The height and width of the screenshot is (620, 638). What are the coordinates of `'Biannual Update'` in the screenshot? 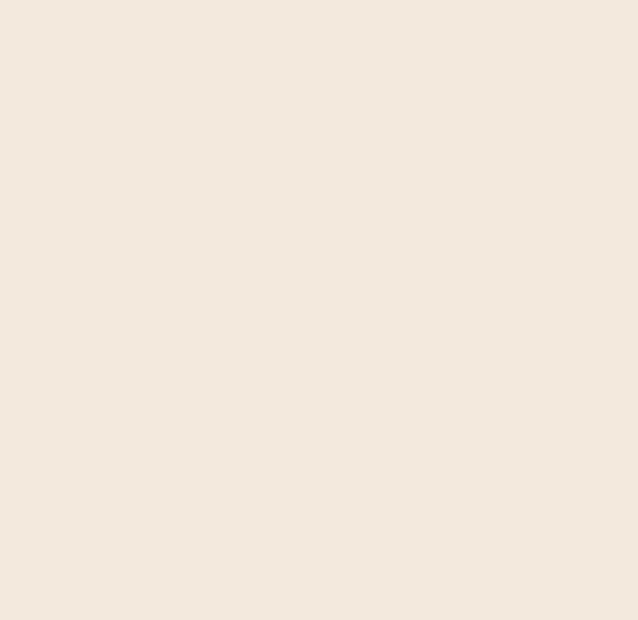 It's located at (493, 128).